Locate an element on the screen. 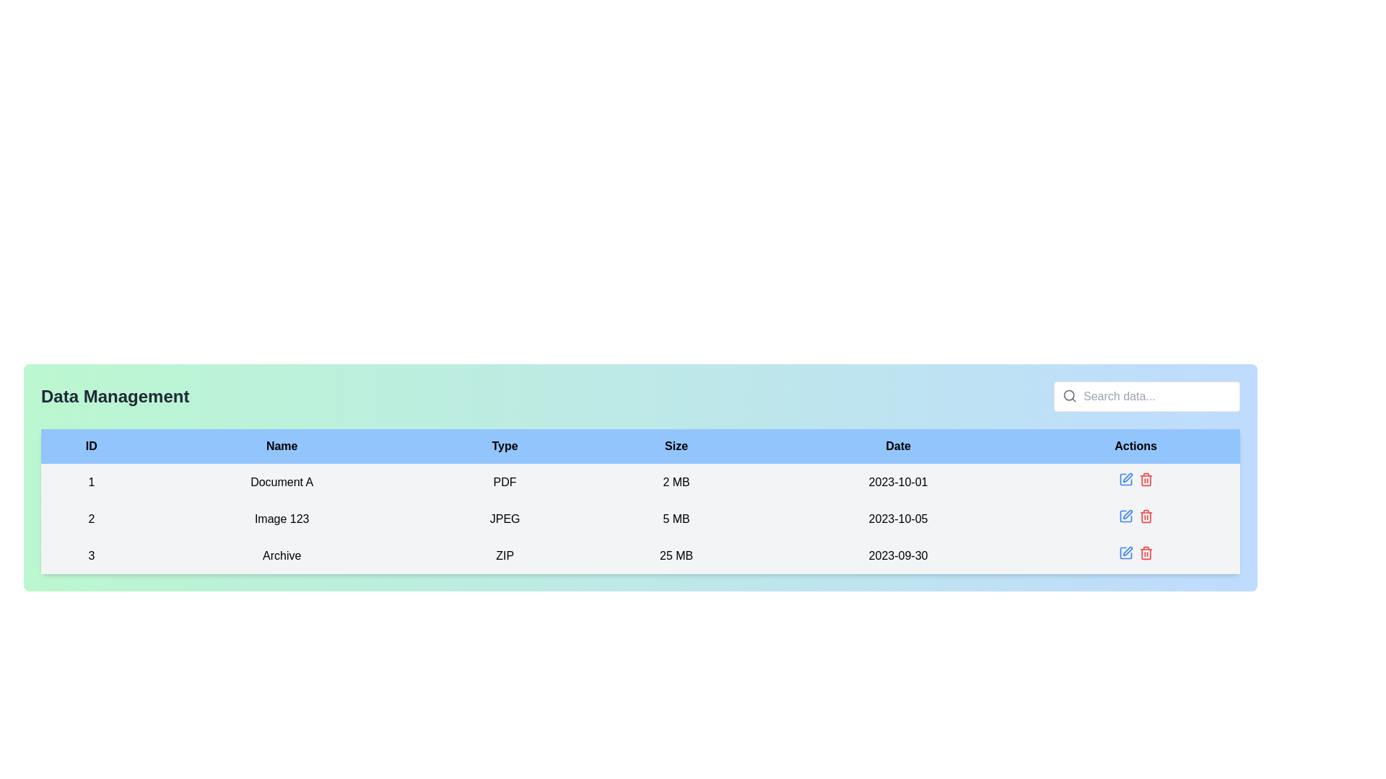 This screenshot has height=779, width=1386. the Table Header displaying 'ID' in bold, which is the first column heading of a table with a light blue background is located at coordinates (90, 445).